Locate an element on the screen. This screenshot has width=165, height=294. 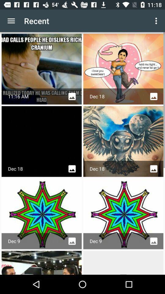
app next to the recent app is located at coordinates (157, 21).